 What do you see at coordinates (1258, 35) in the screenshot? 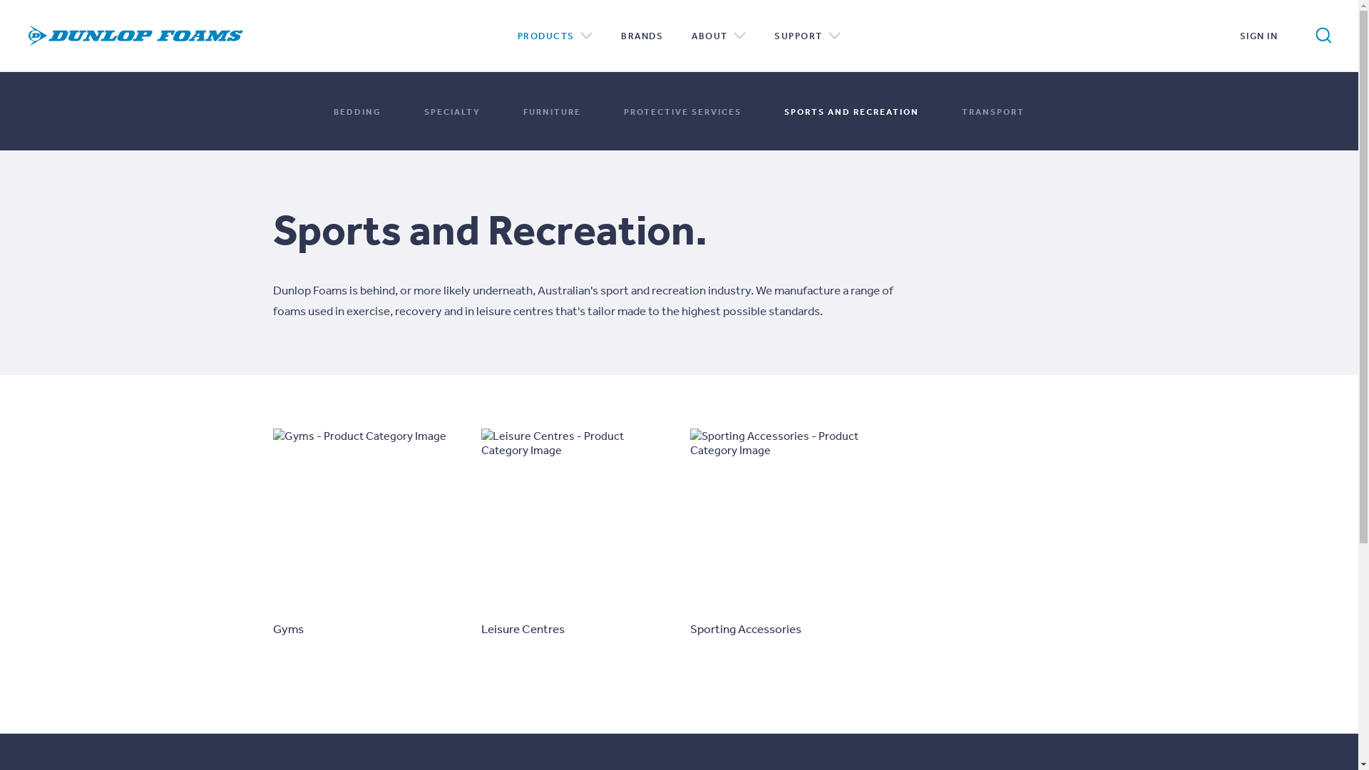
I see `'SIGN IN'` at bounding box center [1258, 35].